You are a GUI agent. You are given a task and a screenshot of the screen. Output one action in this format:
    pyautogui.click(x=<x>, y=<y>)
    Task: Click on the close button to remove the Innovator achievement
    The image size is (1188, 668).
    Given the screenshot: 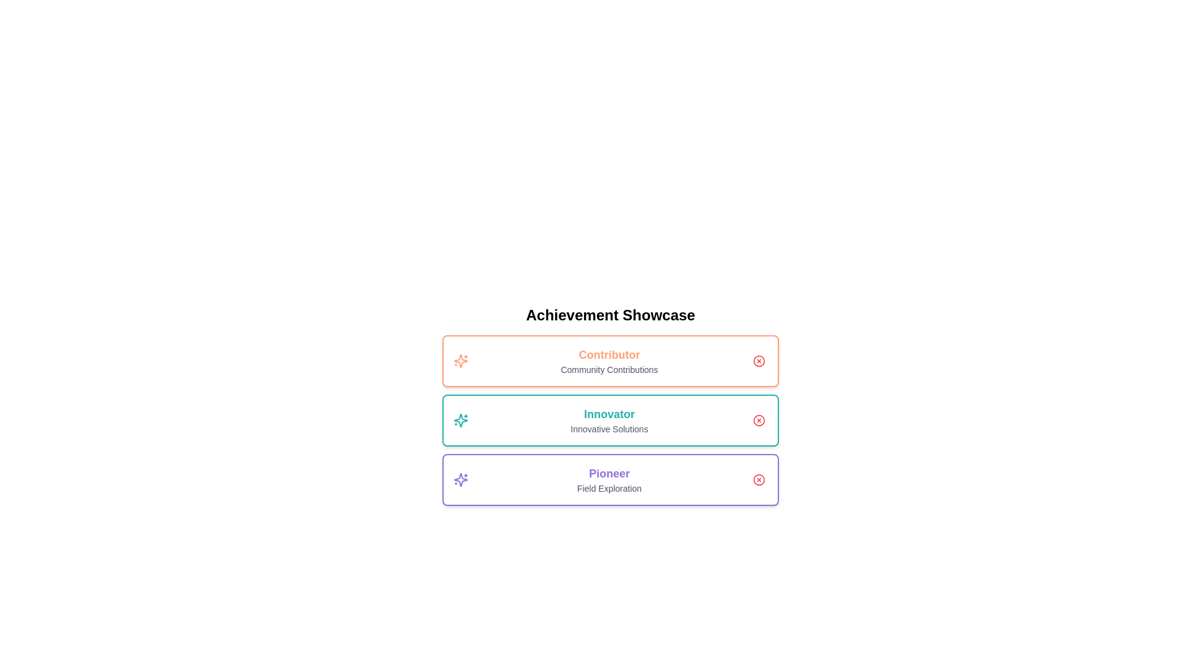 What is the action you would take?
    pyautogui.click(x=759, y=419)
    